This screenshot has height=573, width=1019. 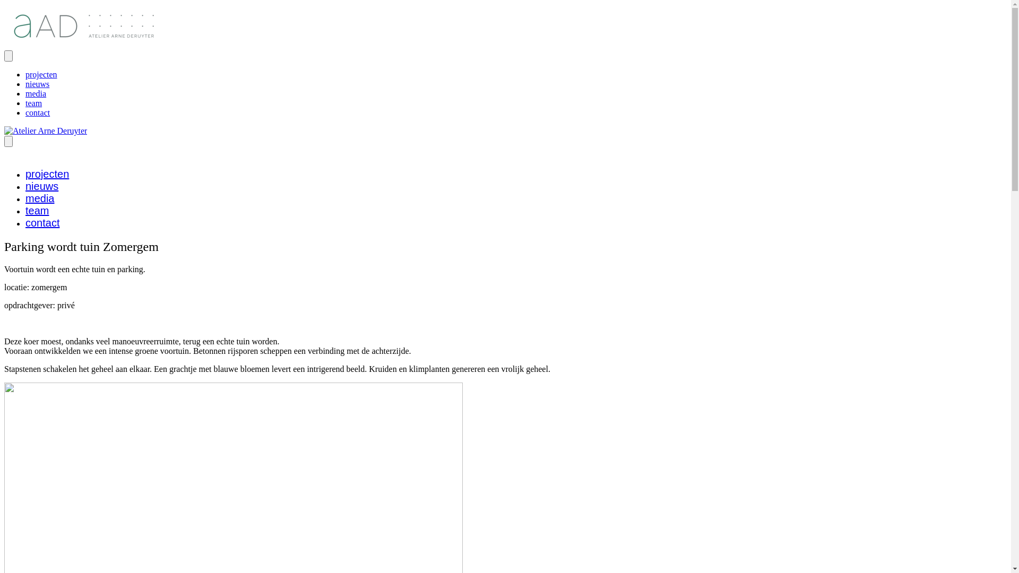 What do you see at coordinates (37, 211) in the screenshot?
I see `'team'` at bounding box center [37, 211].